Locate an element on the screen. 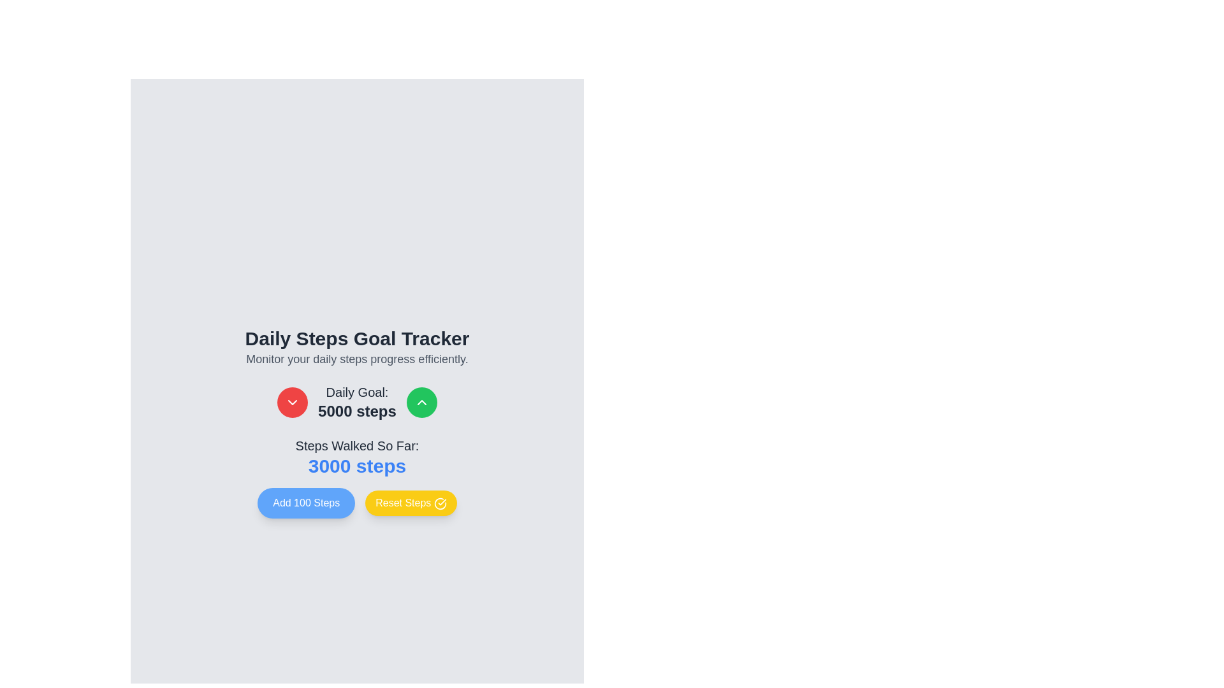 The height and width of the screenshot is (688, 1224). the text element that reads 'Monitor your daily steps progress efficiently.' which is positioned below the heading 'Daily Steps Goal Tracker' is located at coordinates (357, 359).